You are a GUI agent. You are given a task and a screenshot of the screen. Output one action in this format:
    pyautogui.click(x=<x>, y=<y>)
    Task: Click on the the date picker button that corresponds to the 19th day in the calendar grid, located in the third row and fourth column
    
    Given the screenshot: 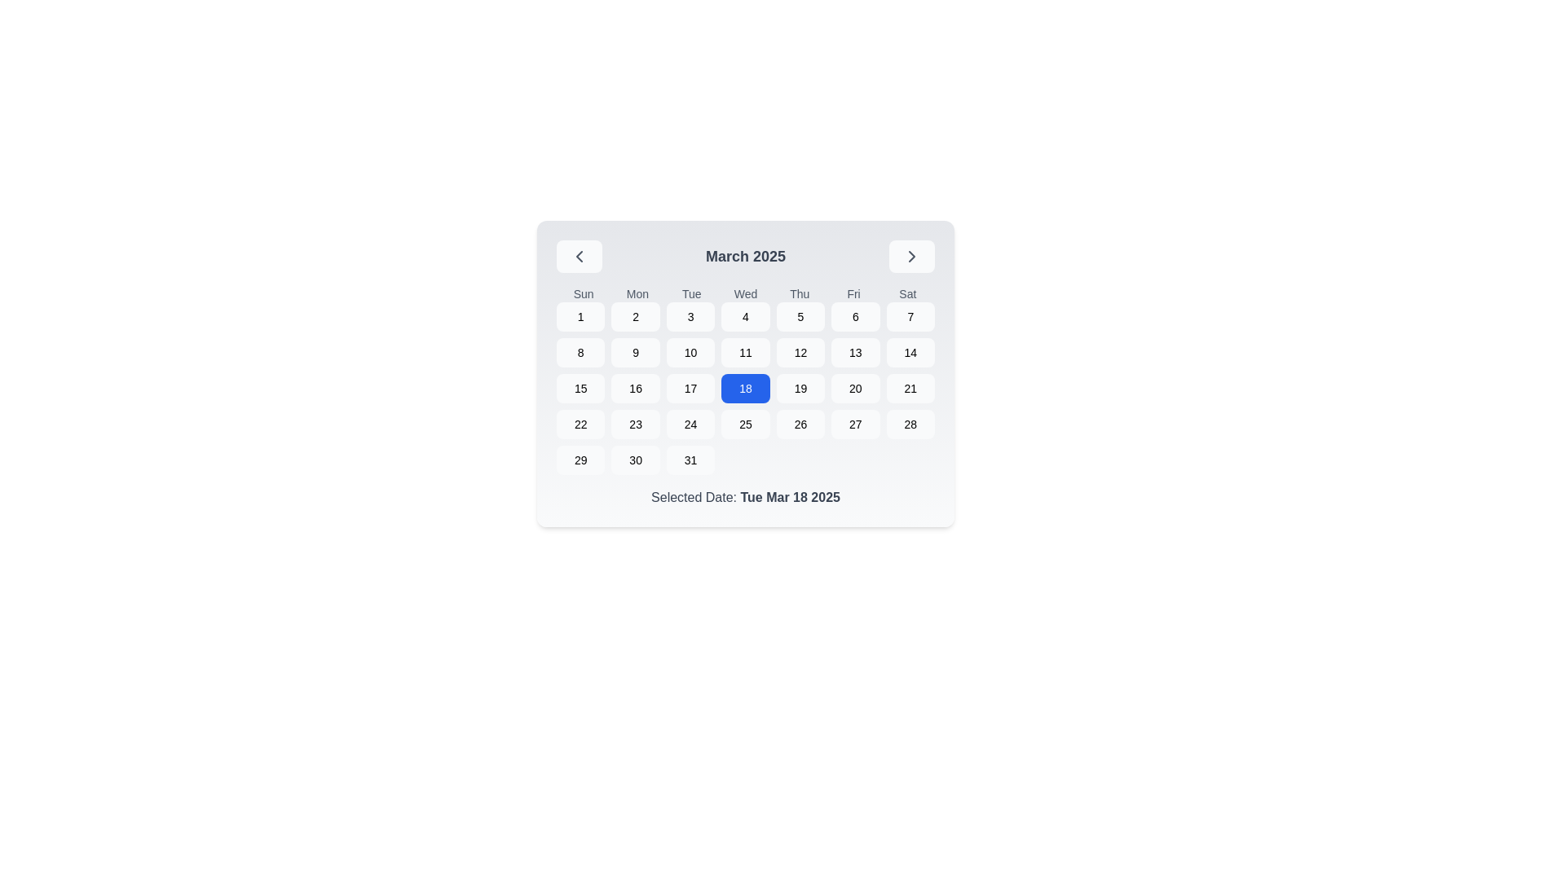 What is the action you would take?
    pyautogui.click(x=800, y=389)
    